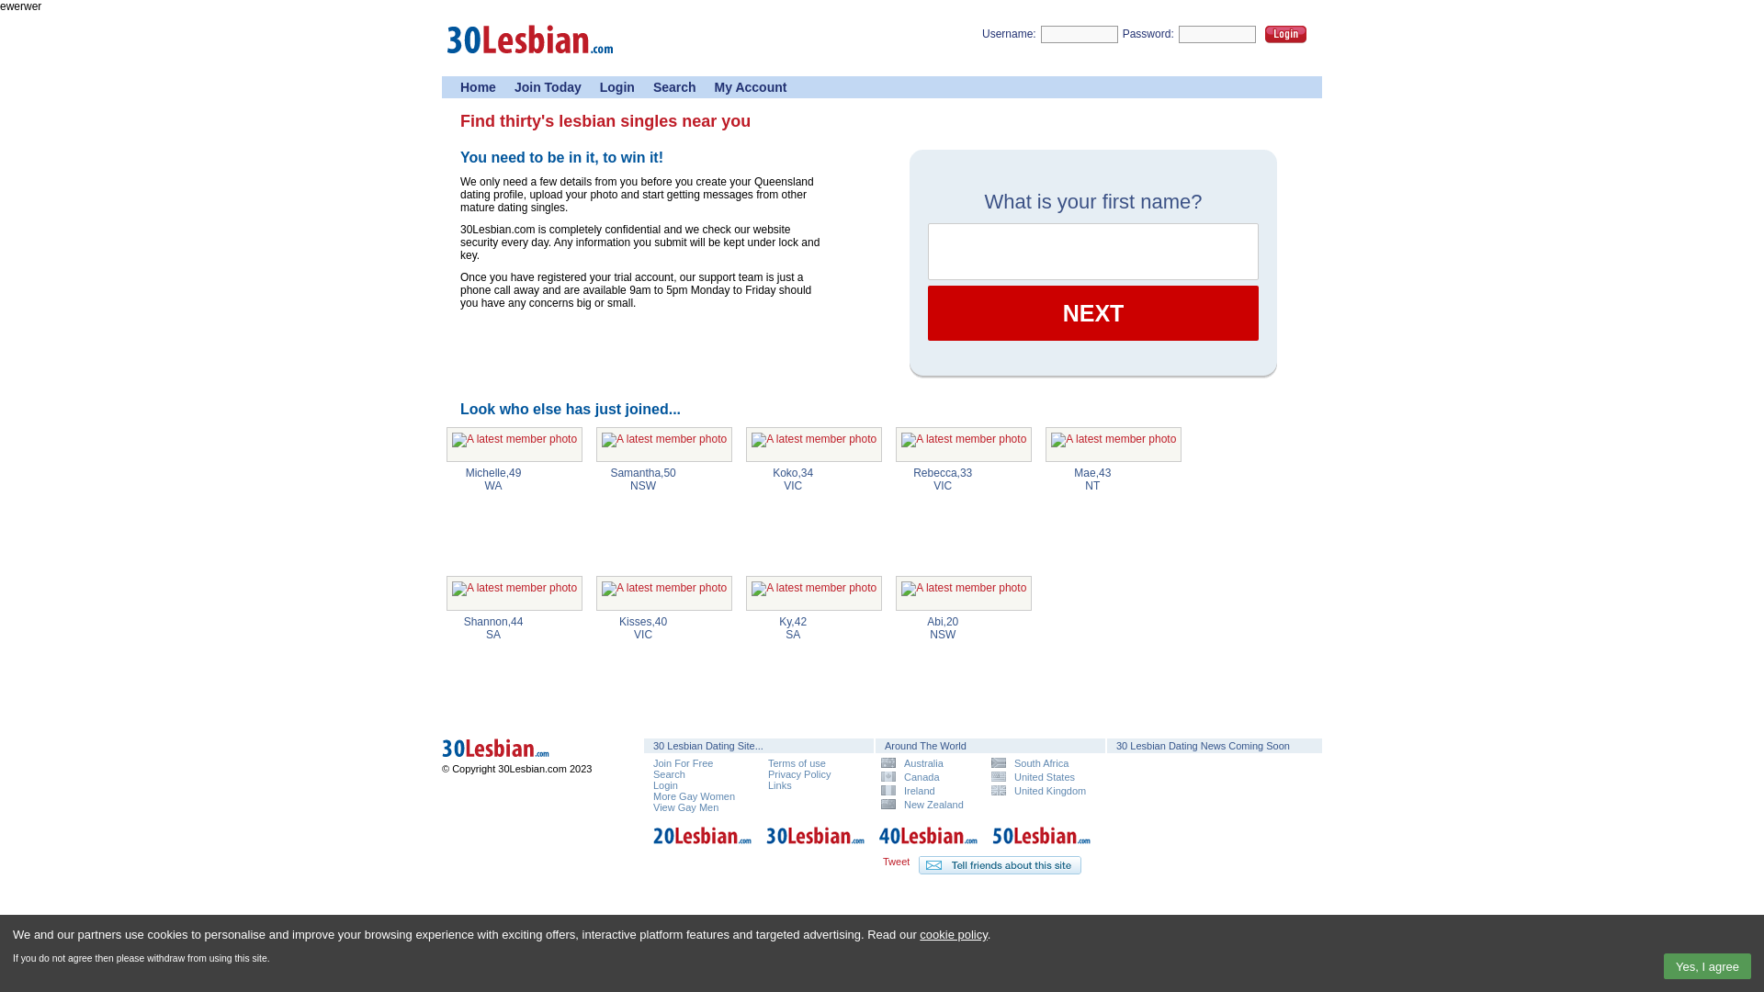  Describe the element at coordinates (1039, 789) in the screenshot. I see `'United Kingdom'` at that location.